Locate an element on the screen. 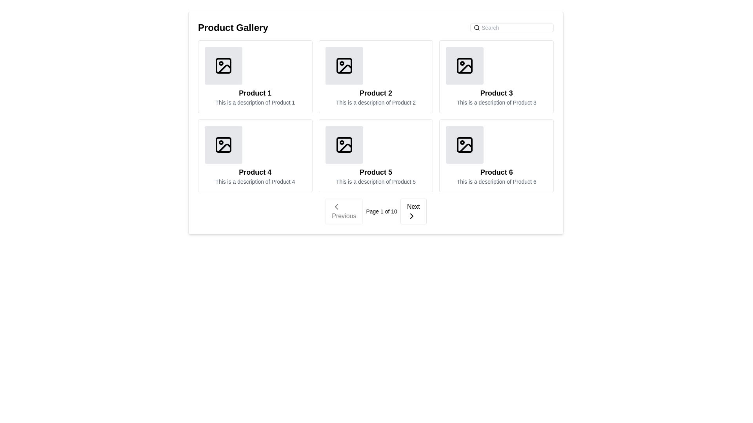  description text that is styled in a small font size and light gray color, which reads 'This is a description of Product 6', located below the title of 'Product 6' in a bordered and rounded box layout is located at coordinates (496, 181).